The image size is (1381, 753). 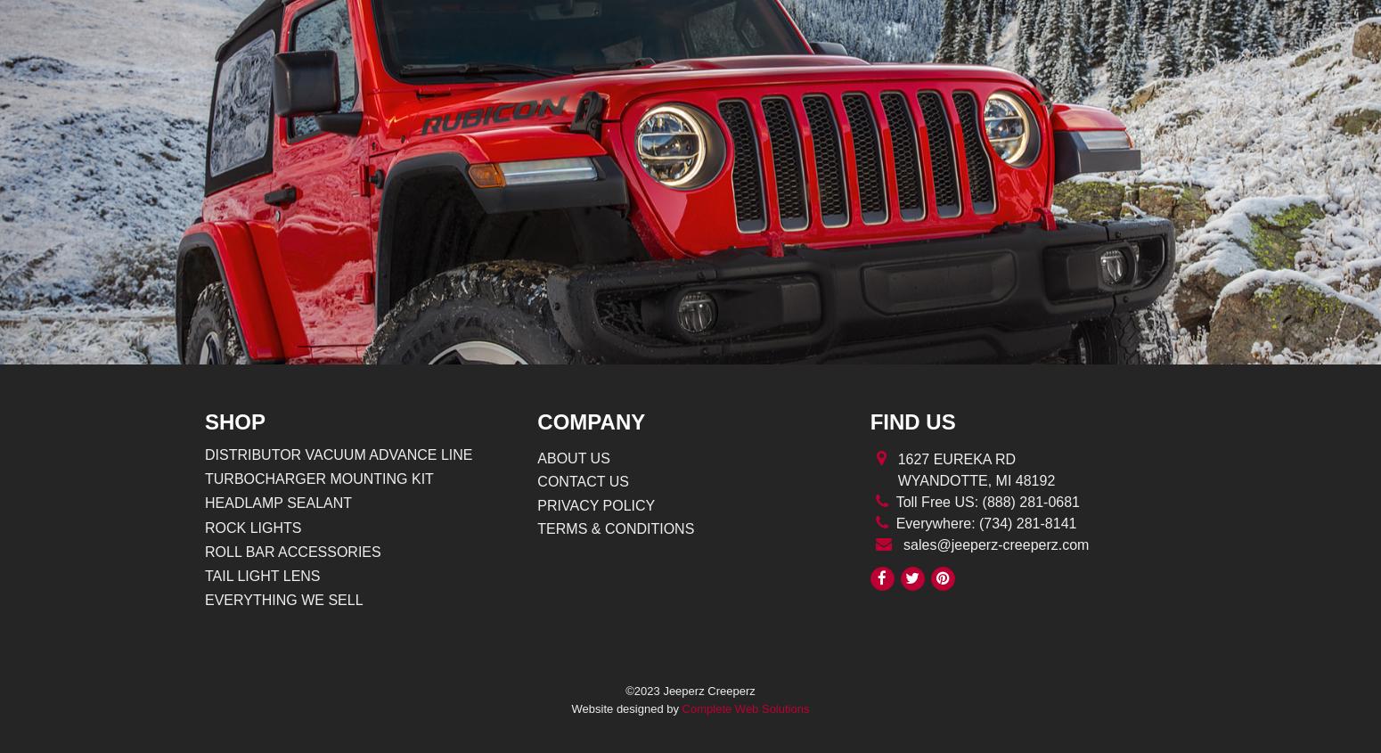 What do you see at coordinates (744, 708) in the screenshot?
I see `'Complete Web
							Solutions'` at bounding box center [744, 708].